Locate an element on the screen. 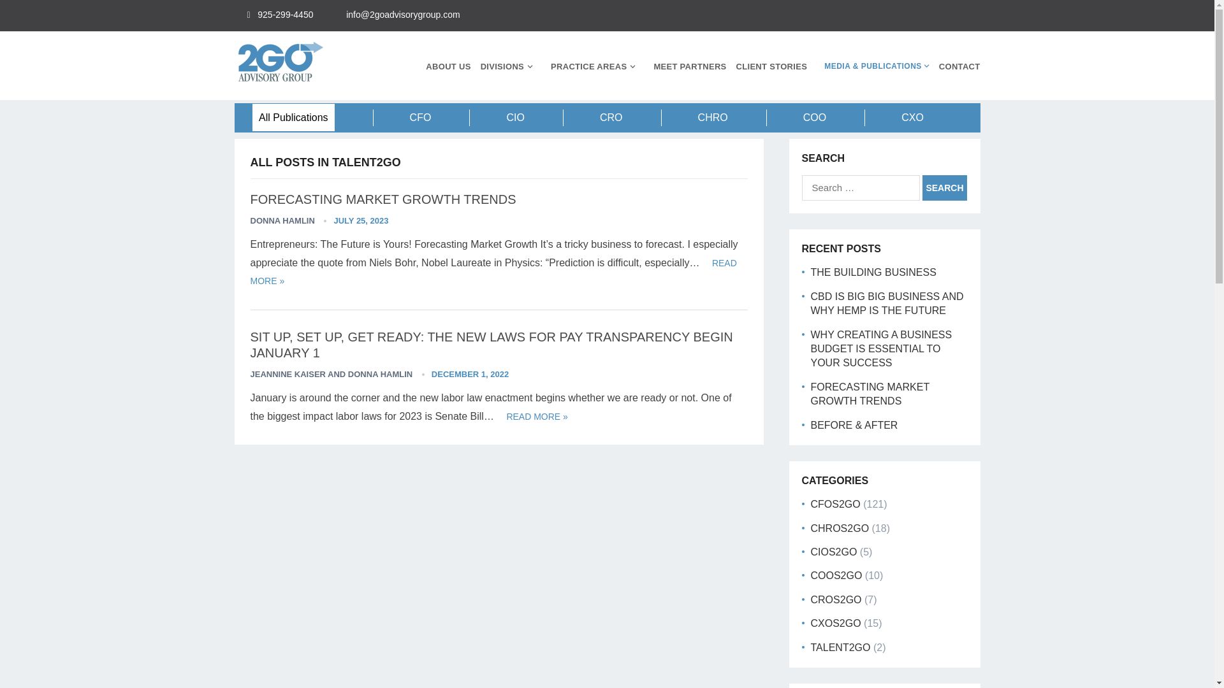 The width and height of the screenshot is (1224, 688). 'ABOUT US' is located at coordinates (448, 66).